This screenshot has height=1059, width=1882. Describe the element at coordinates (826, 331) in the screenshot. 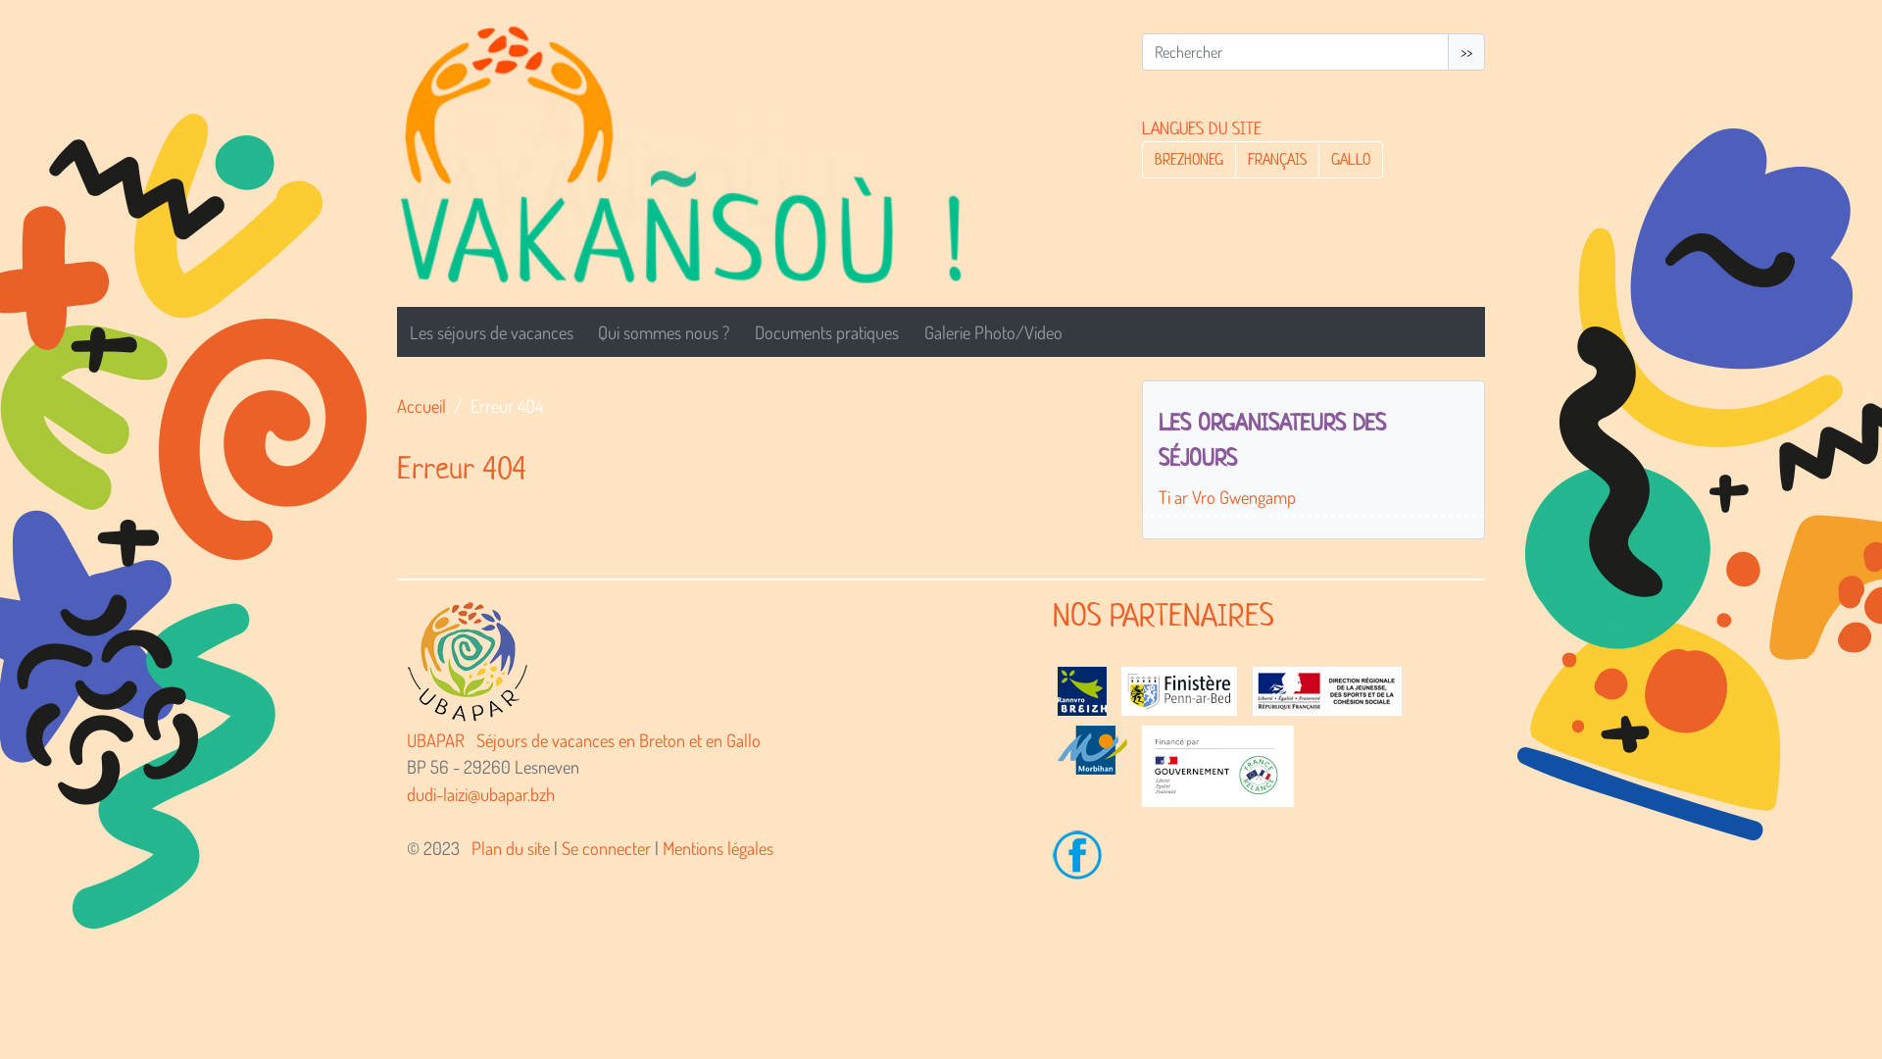

I see `'Documents pratiques'` at that location.